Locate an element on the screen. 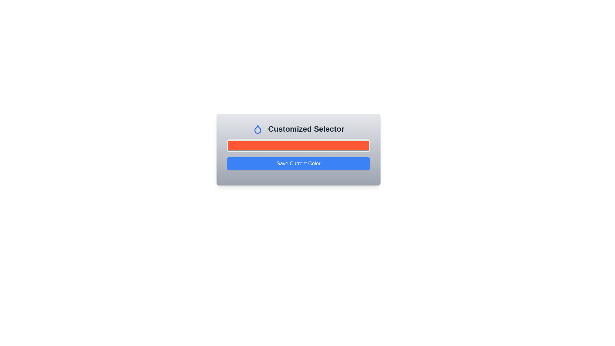  the droplet-shaped icon with a bold blue outline, located to the left of the 'Customized Selector' text in the UI is located at coordinates (258, 129).